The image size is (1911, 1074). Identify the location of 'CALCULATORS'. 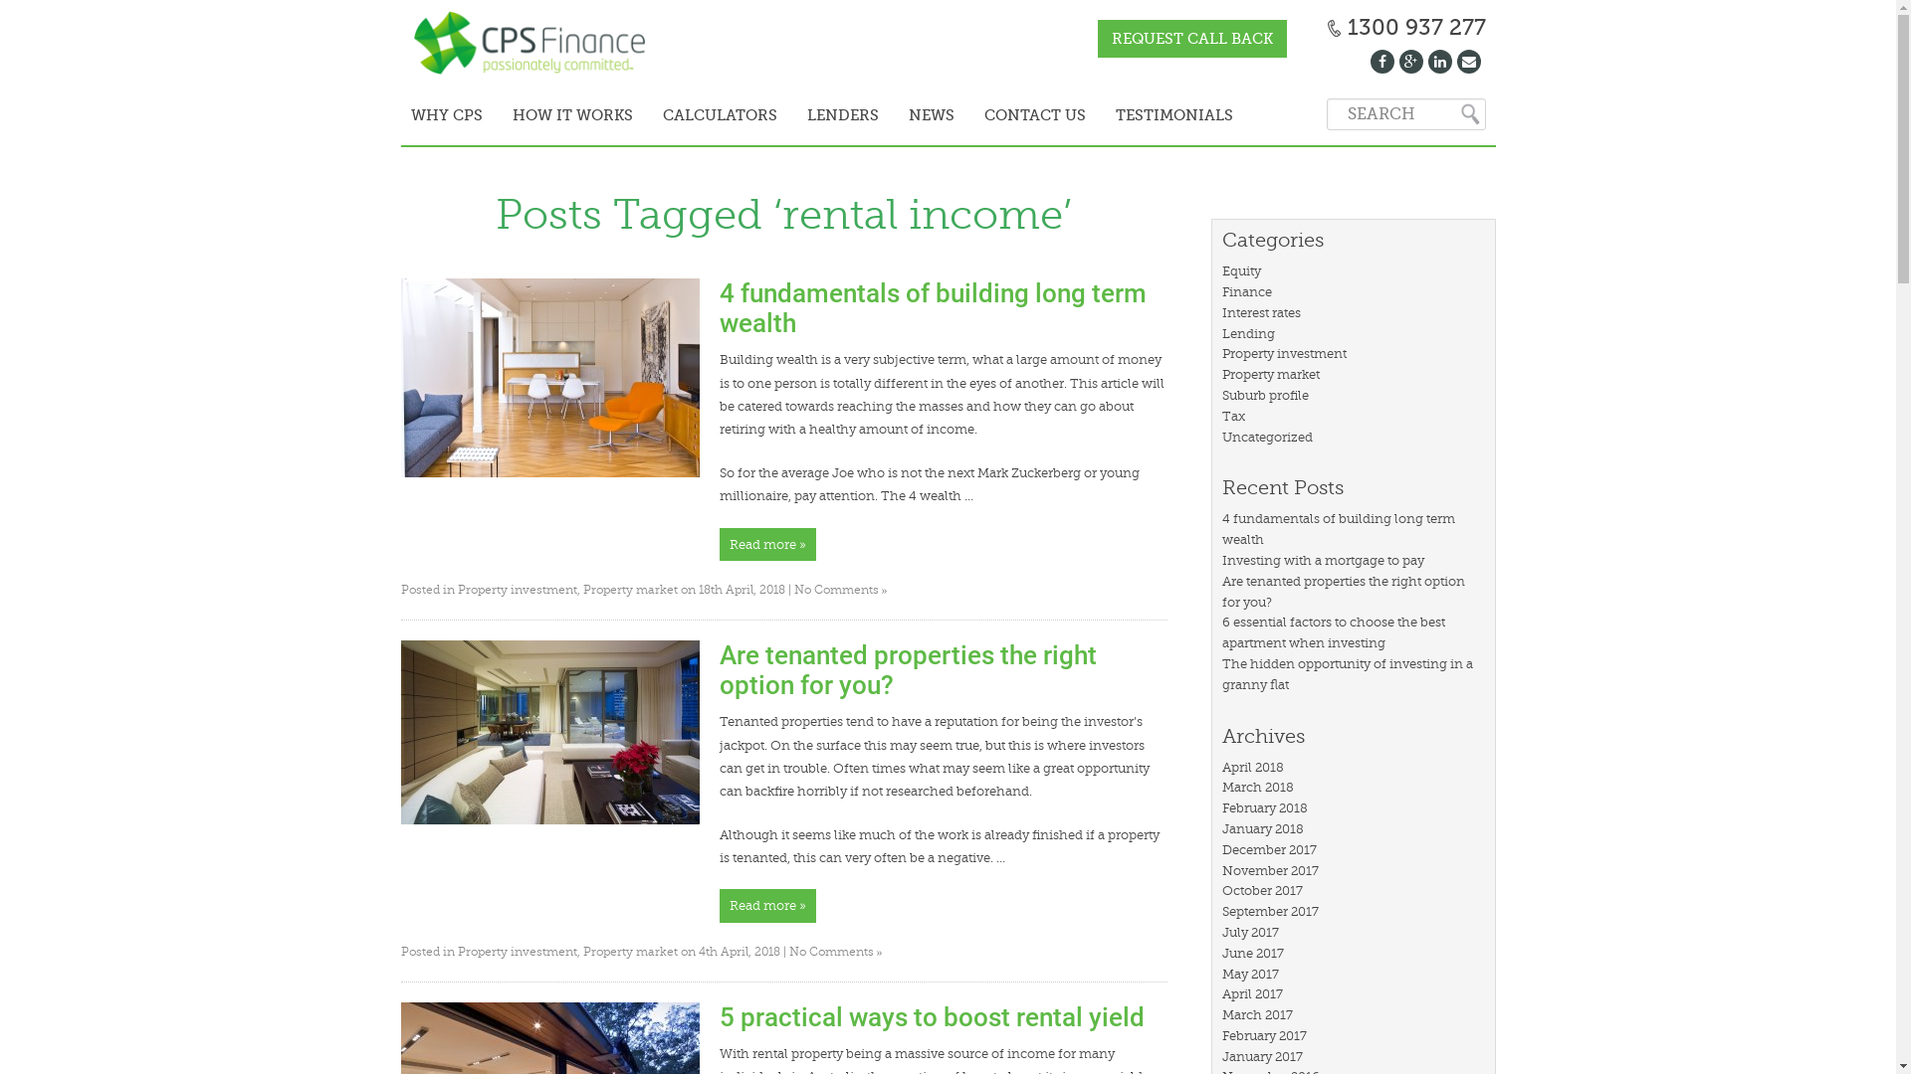
(718, 112).